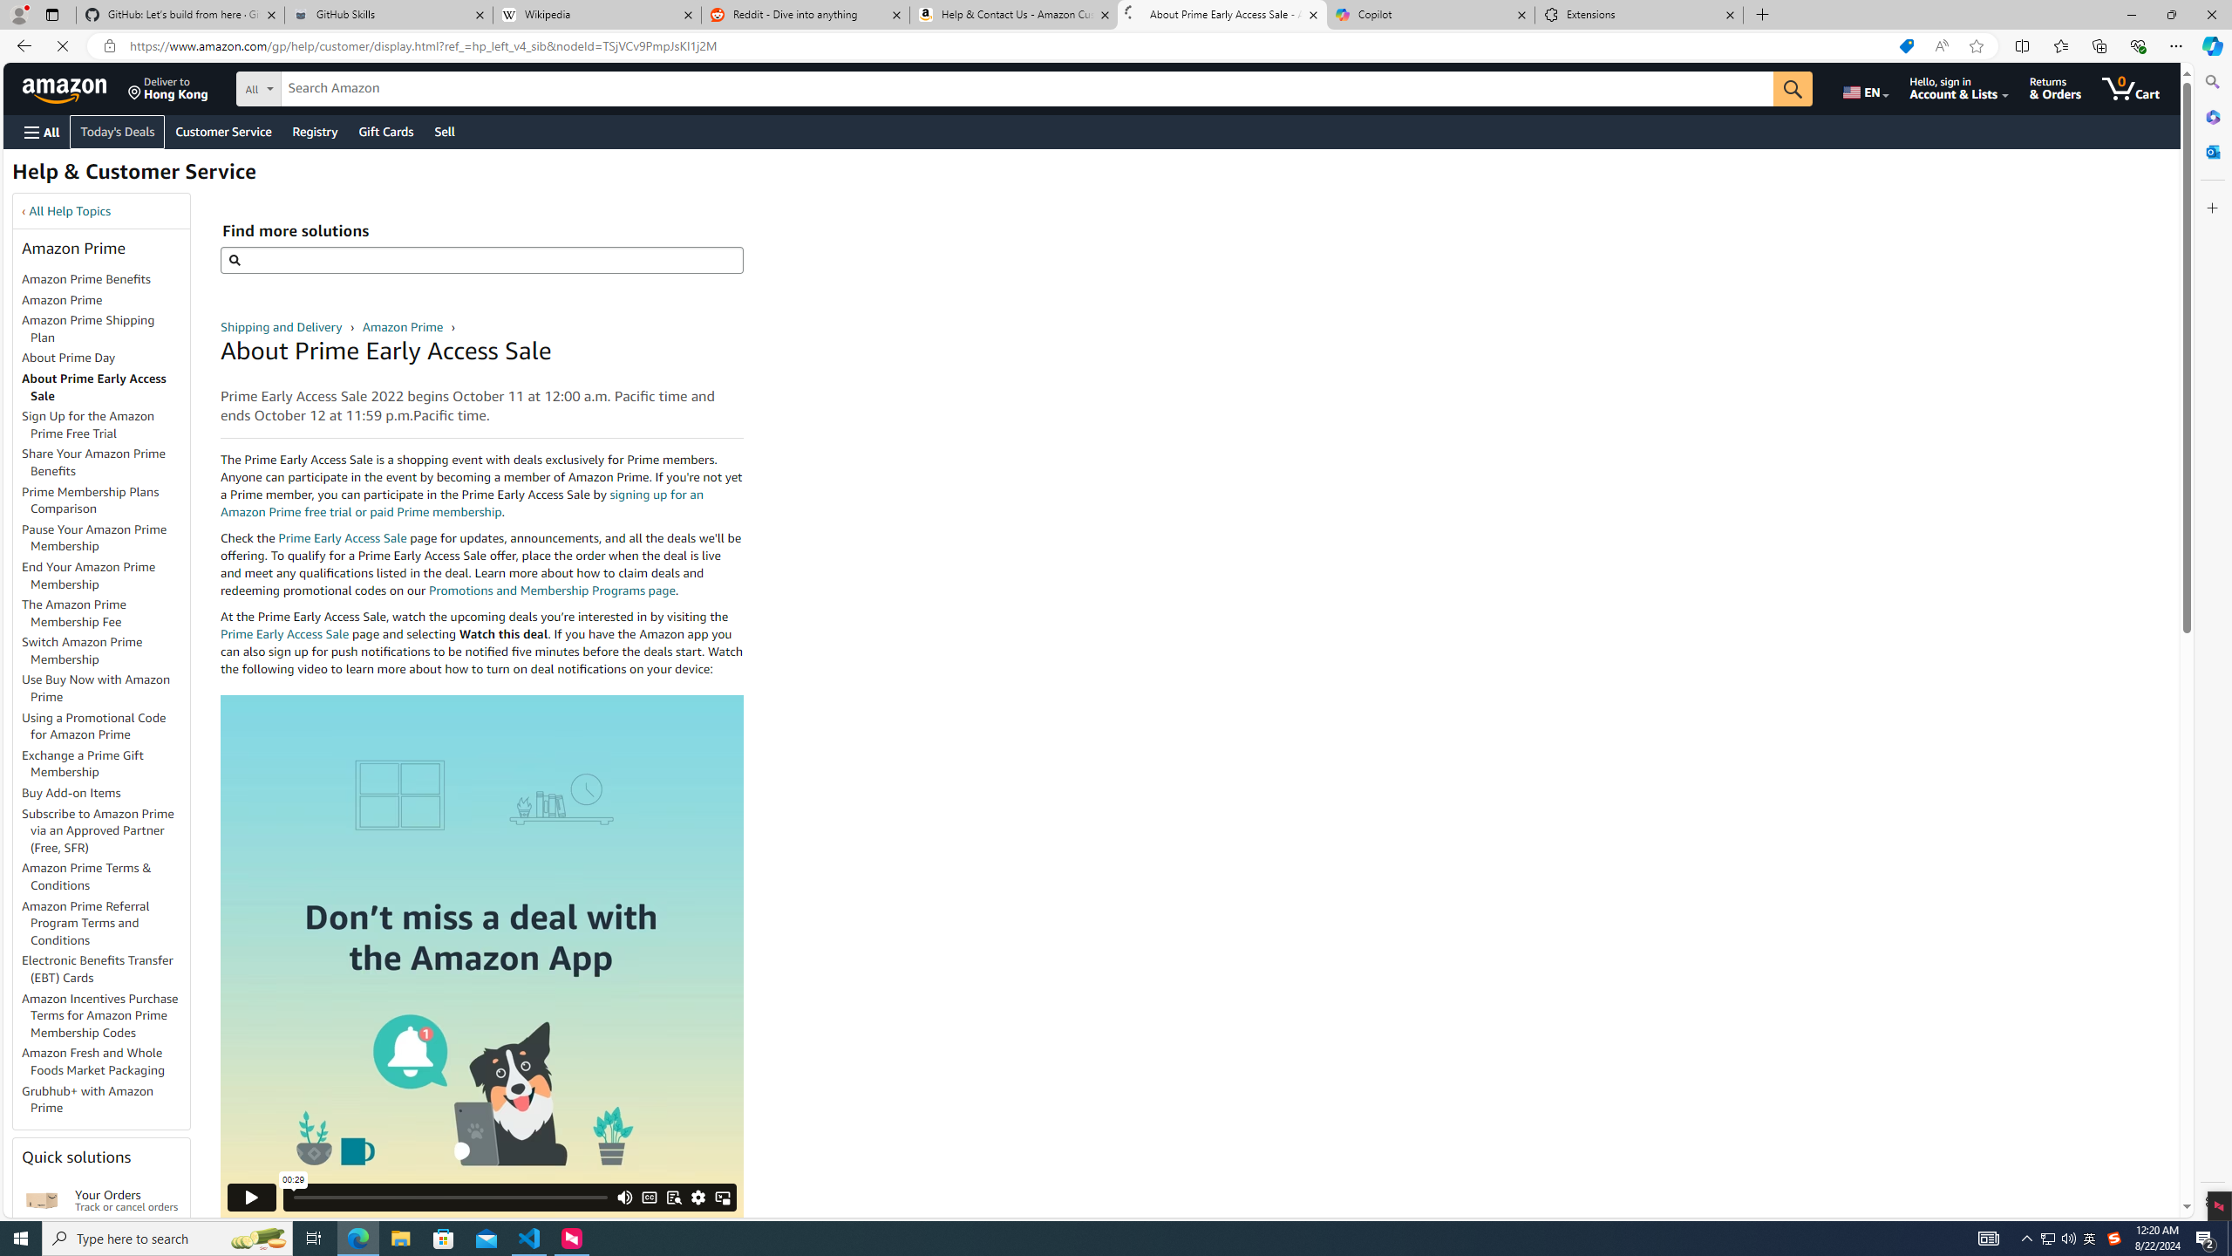 The width and height of the screenshot is (2232, 1256). Describe the element at coordinates (66, 87) in the screenshot. I see `'Amazon'` at that location.